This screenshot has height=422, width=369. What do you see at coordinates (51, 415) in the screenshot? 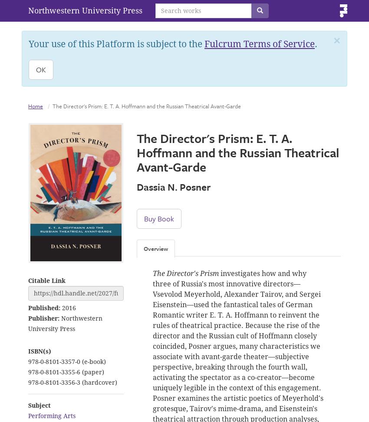
I see `'Performing Arts'` at bounding box center [51, 415].